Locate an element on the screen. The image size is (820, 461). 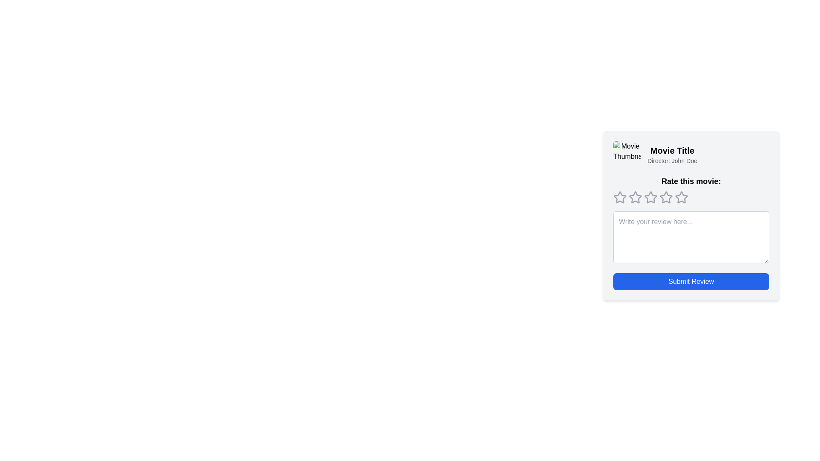
the text label displaying 'Director: John Doe', which is styled in a smaller gray font and positioned directly below the title 'Movie Title' is located at coordinates (672, 161).